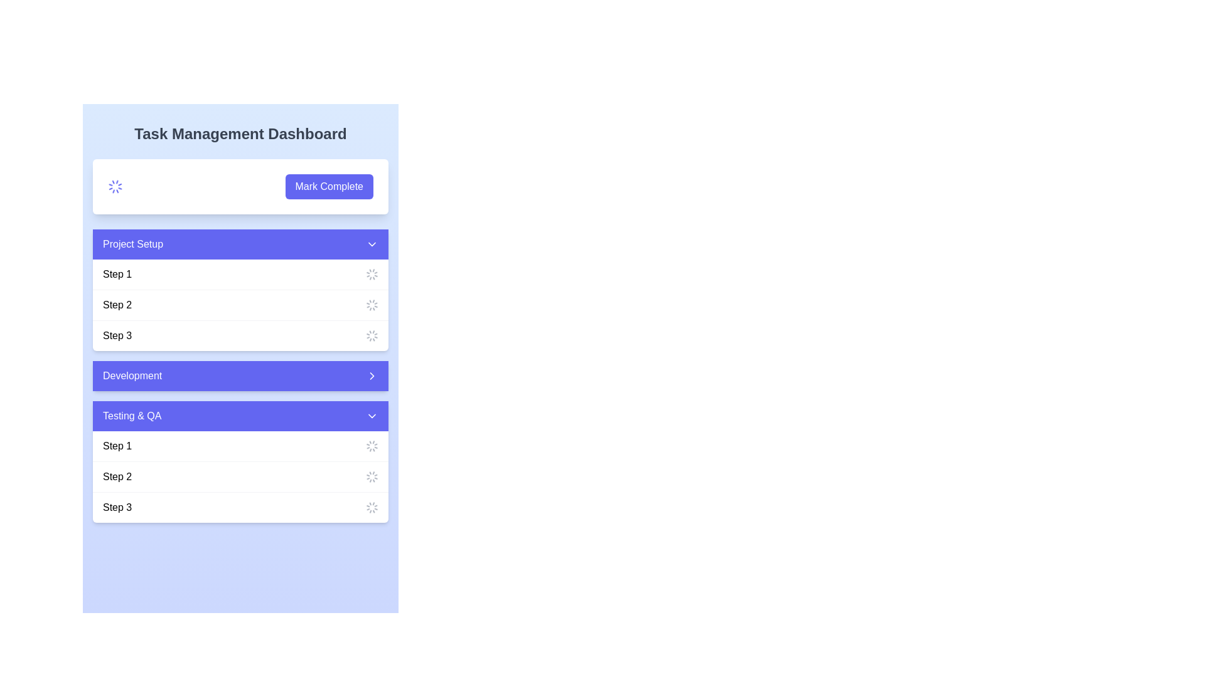  Describe the element at coordinates (117, 335) in the screenshot. I see `the label reading 'Step 3', which is the third entry in the list under the 'Project Setup' section, displayed in bold black text on a white background` at that location.